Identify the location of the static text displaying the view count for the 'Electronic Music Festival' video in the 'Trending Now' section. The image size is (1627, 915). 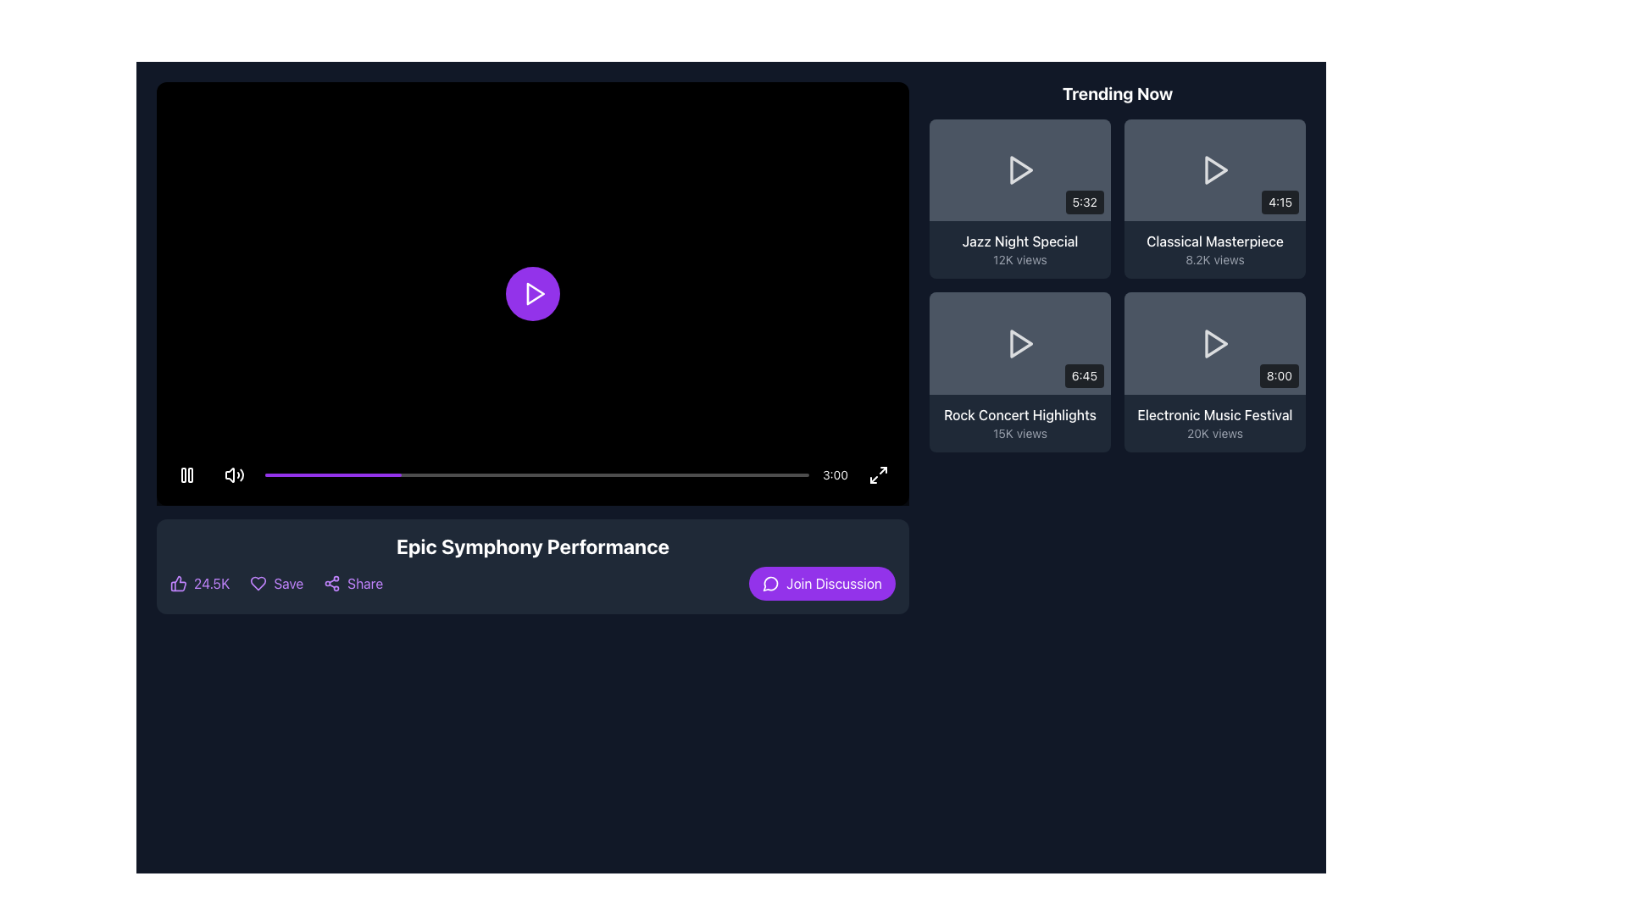
(1214, 431).